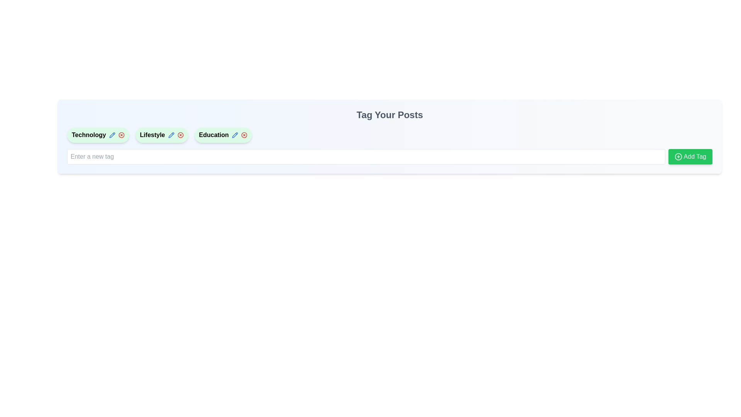  What do you see at coordinates (690, 156) in the screenshot?
I see `the button for adding a tag, located to the right of the 'Enter a new tag' input field` at bounding box center [690, 156].